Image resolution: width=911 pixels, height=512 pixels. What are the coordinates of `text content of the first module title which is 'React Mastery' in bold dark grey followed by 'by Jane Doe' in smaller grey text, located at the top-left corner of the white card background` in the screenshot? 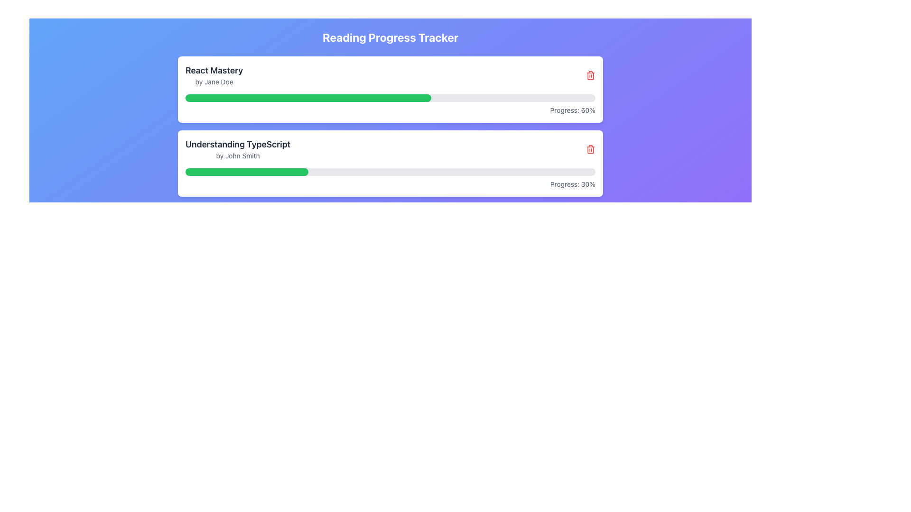 It's located at (214, 74).